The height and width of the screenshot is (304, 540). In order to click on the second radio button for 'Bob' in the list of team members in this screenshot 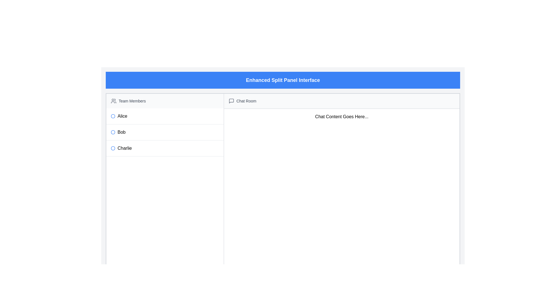, I will do `click(113, 132)`.